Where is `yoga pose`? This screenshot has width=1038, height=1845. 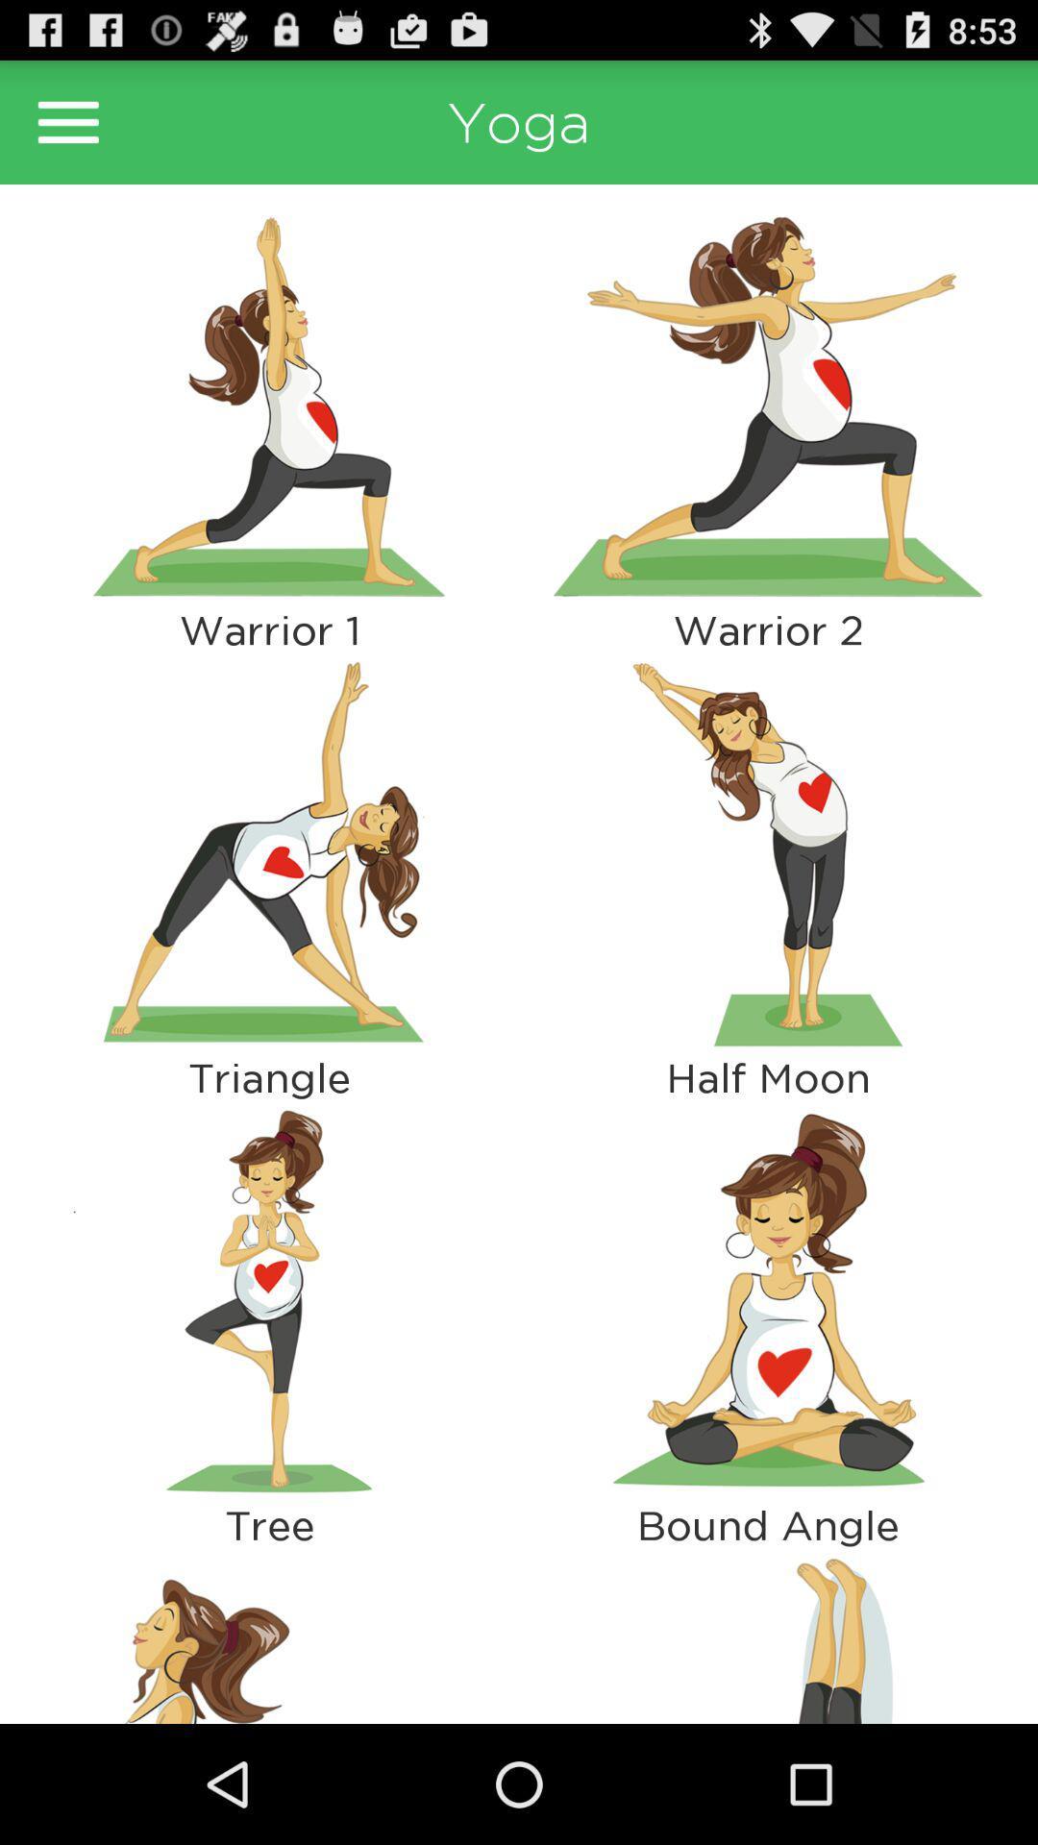 yoga pose is located at coordinates (767, 405).